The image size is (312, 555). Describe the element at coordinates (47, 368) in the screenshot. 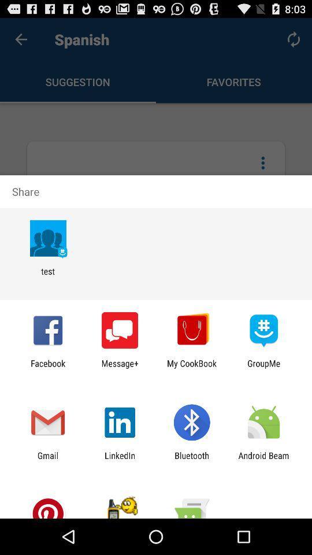

I see `app next to message+` at that location.